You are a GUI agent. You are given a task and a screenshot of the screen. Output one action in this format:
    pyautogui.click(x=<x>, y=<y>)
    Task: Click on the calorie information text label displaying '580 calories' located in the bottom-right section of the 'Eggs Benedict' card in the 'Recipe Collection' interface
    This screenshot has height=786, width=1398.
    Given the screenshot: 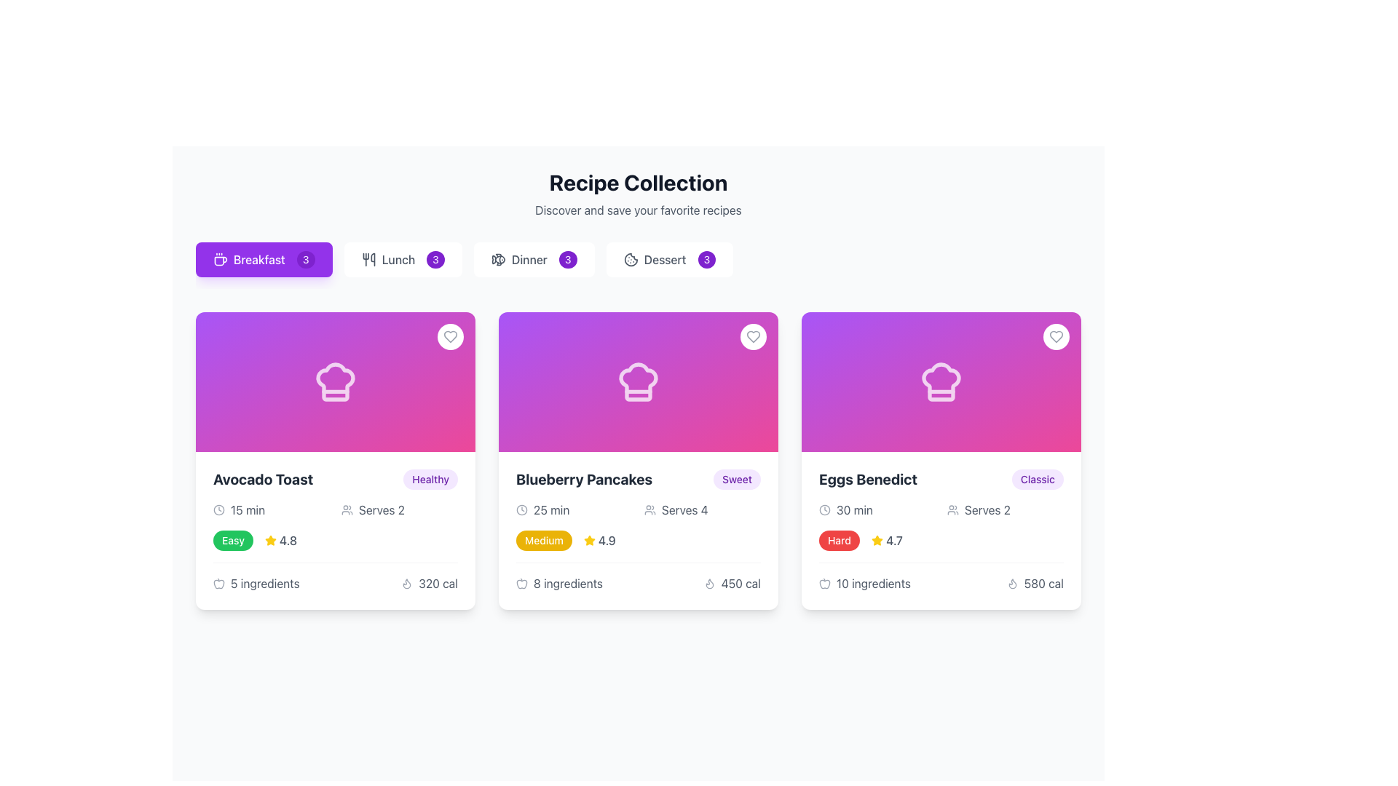 What is the action you would take?
    pyautogui.click(x=1043, y=583)
    